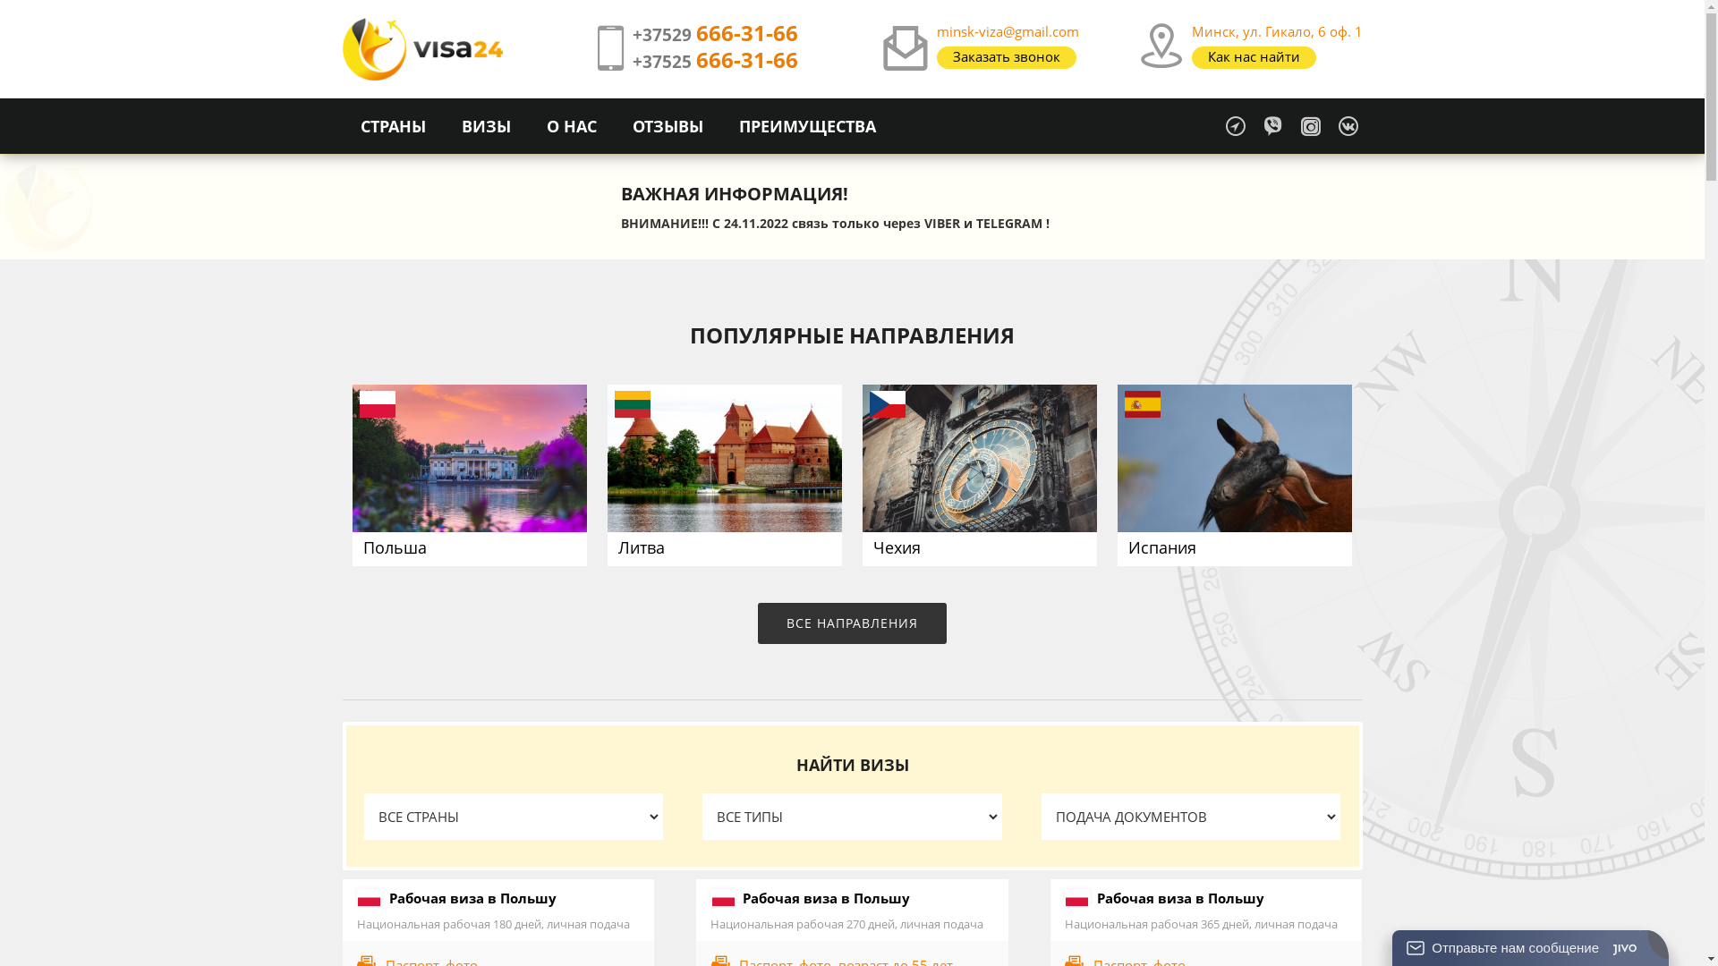 This screenshot has width=1718, height=966. Describe the element at coordinates (1008, 30) in the screenshot. I see `'minsk-viza@gmail.com'` at that location.